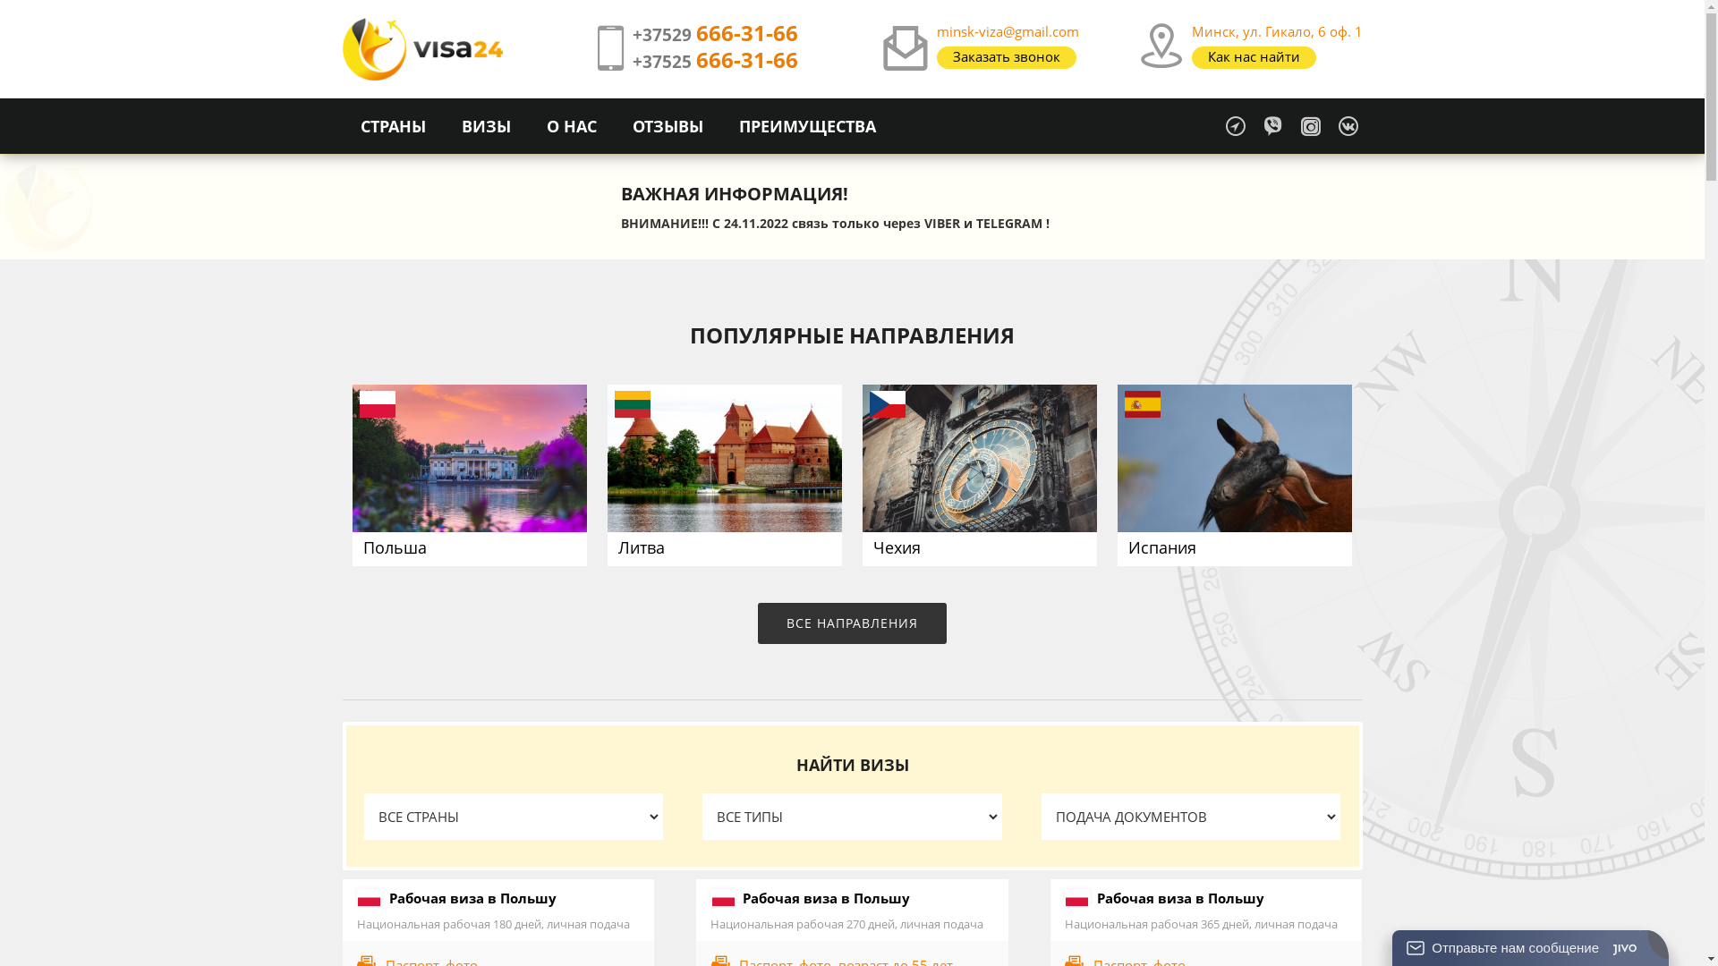 This screenshot has width=1718, height=966. Describe the element at coordinates (1008, 30) in the screenshot. I see `'minsk-viza@gmail.com'` at that location.